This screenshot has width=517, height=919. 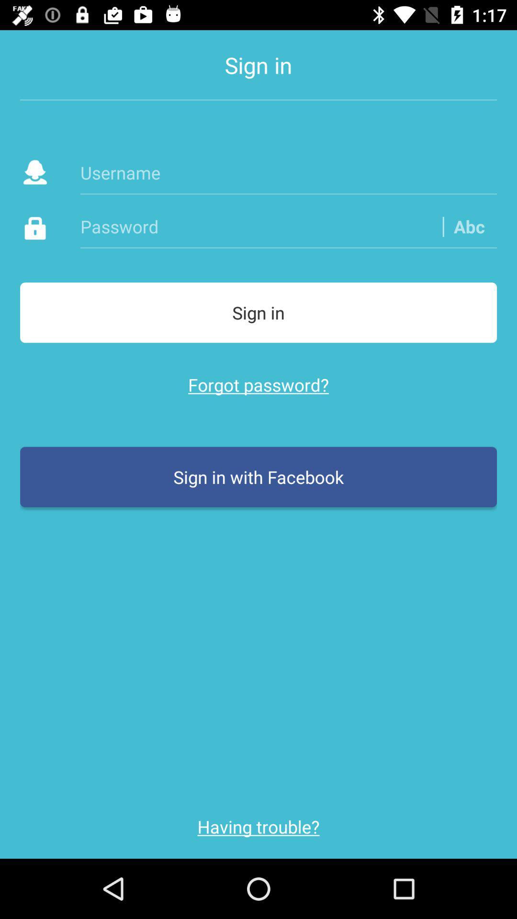 I want to click on icon above the sign in, so click(x=469, y=226).